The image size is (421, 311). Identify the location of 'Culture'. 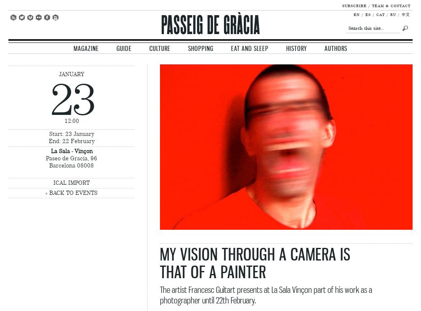
(160, 48).